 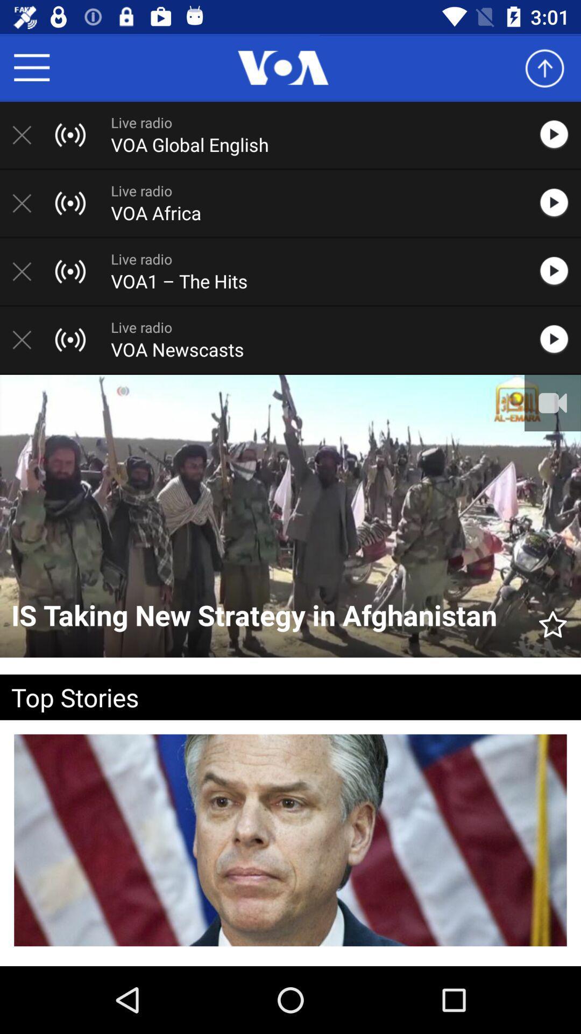 I want to click on top stories icon, so click(x=273, y=697).